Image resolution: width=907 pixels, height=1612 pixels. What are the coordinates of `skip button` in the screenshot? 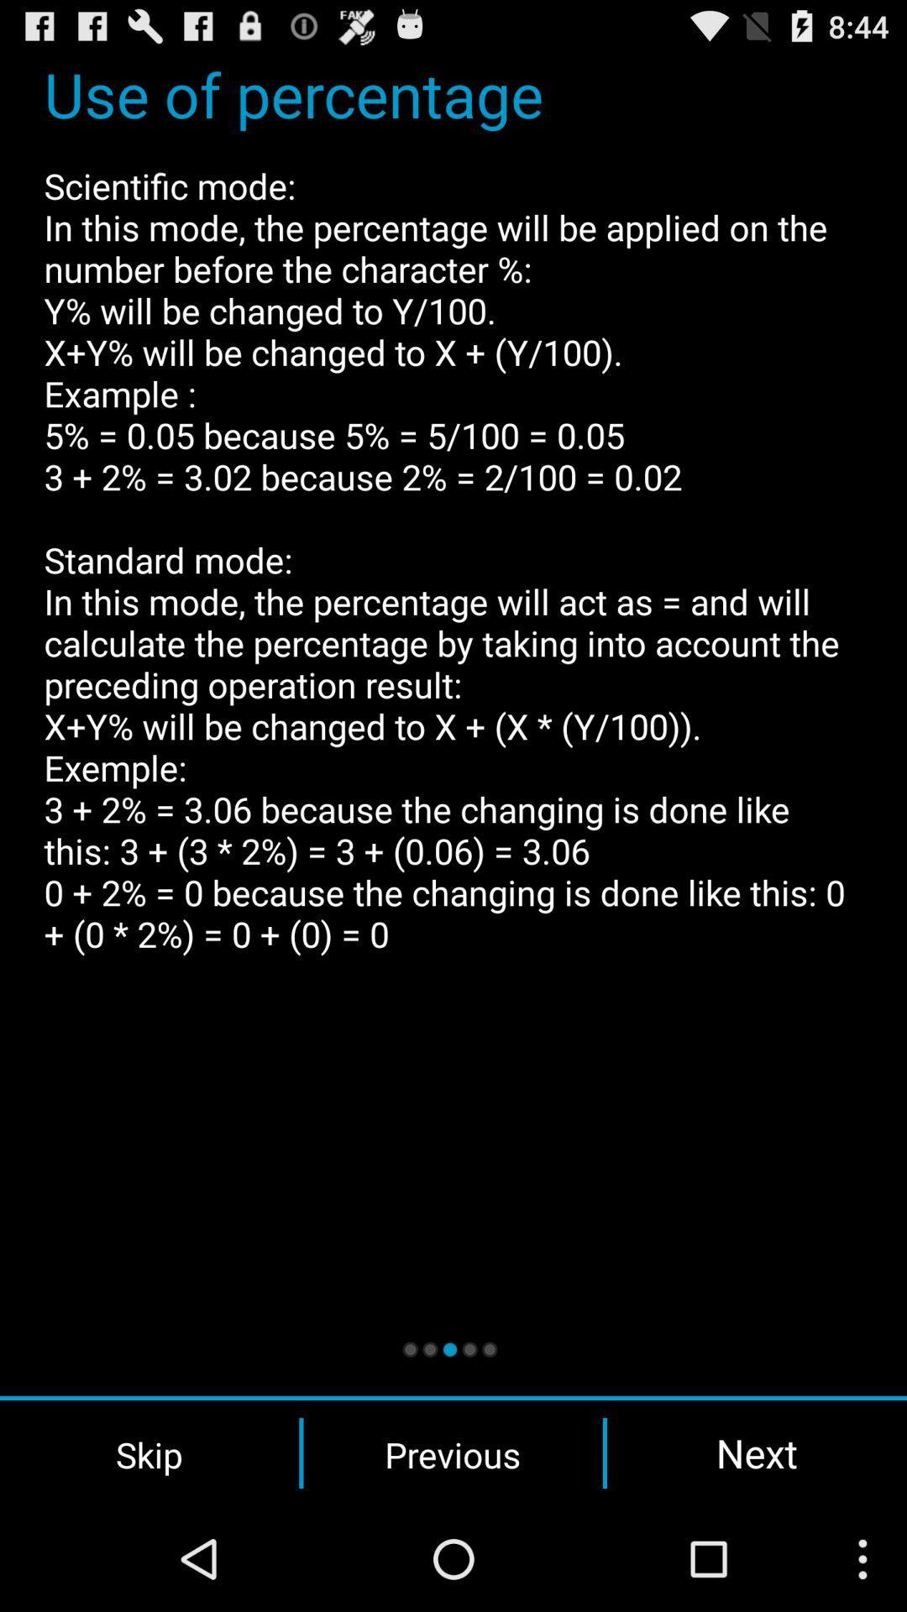 It's located at (149, 1452).